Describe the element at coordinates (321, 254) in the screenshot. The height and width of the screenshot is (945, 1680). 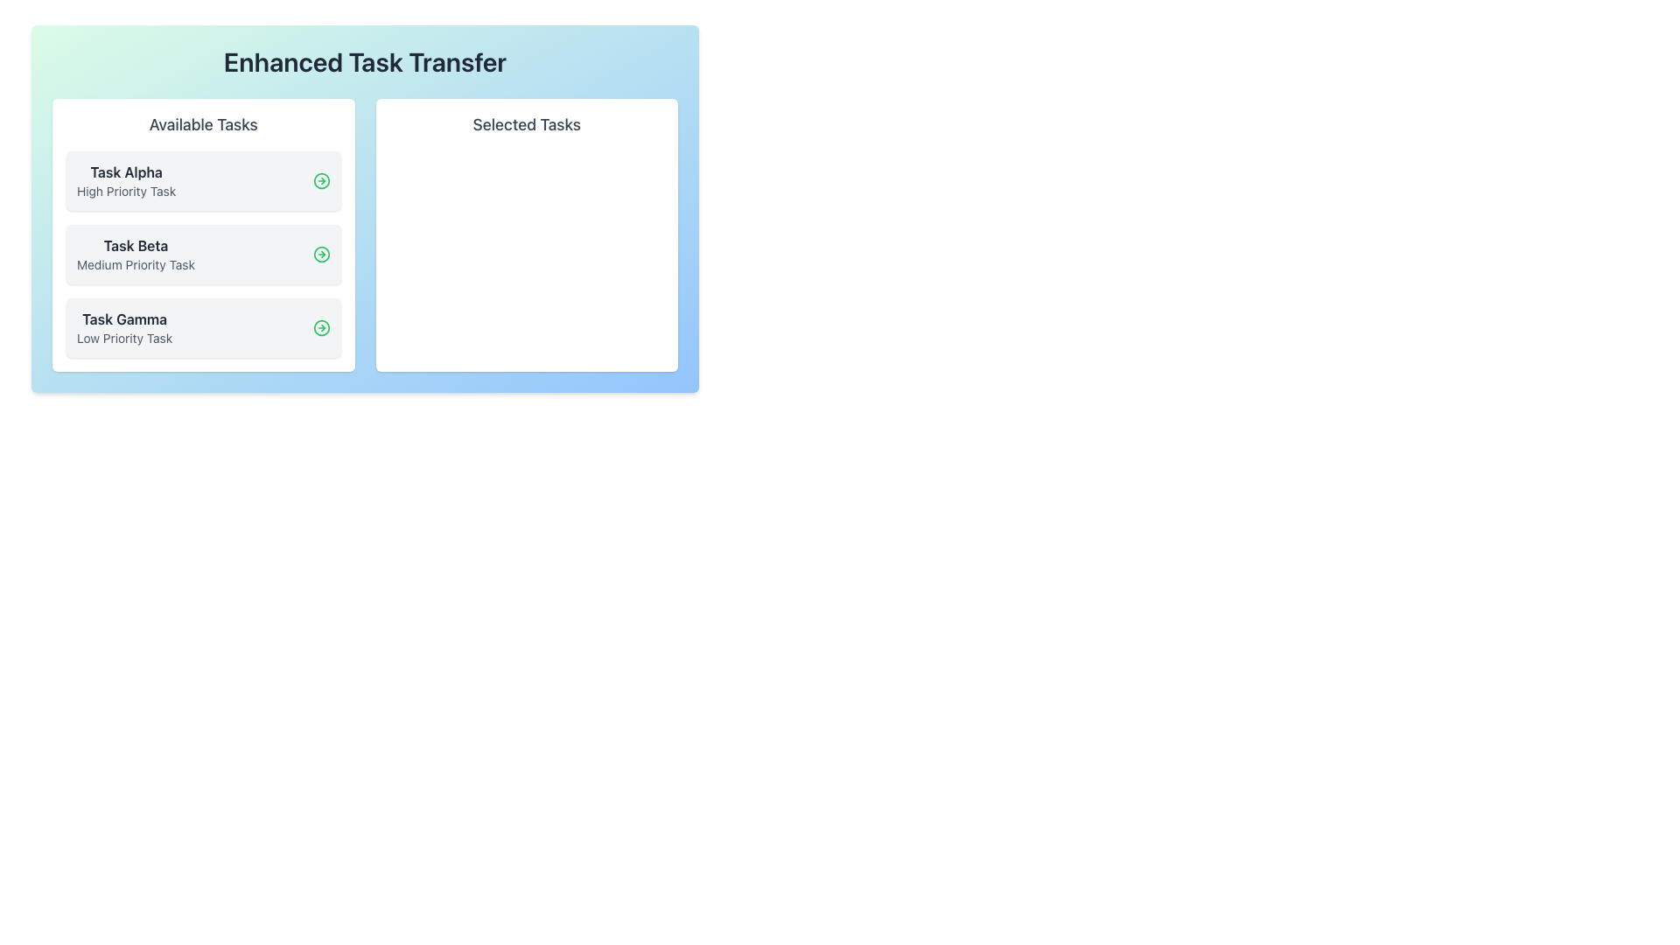
I see `the circular outline icon representing the second task entry ('Task Beta') within the 'Available Tasks' section, which is centrally positioned within this task entry` at that location.